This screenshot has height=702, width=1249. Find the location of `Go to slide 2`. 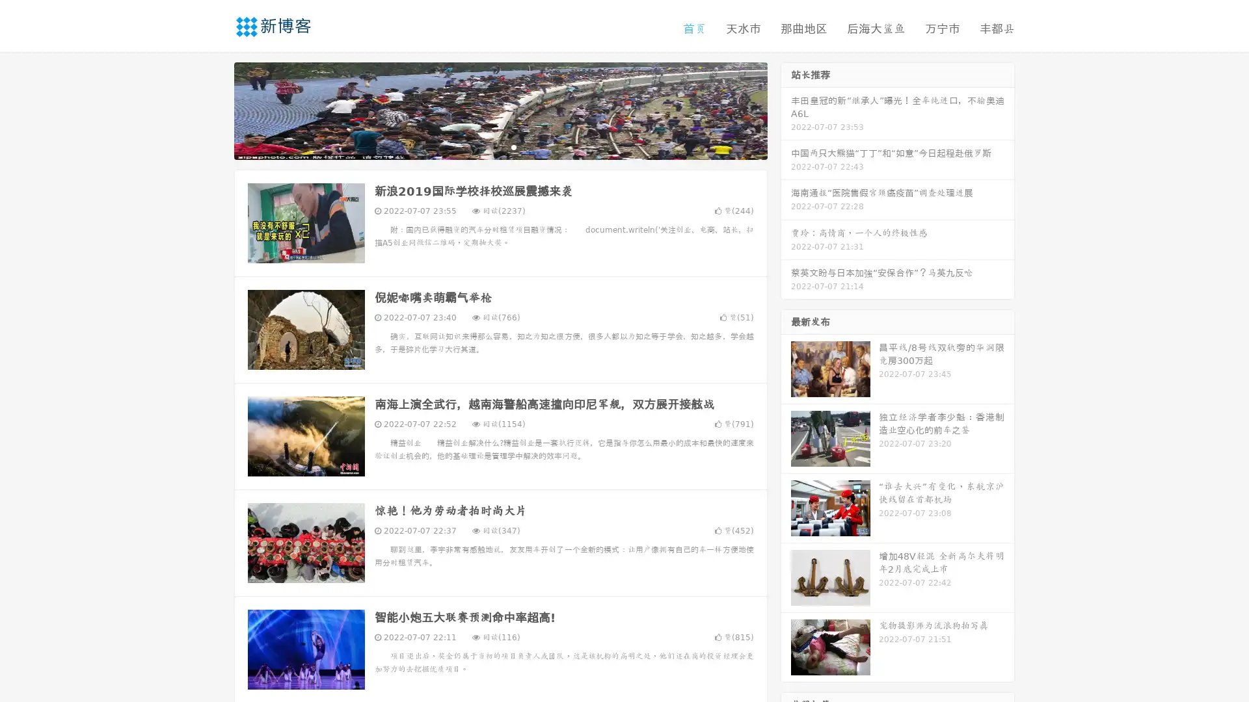

Go to slide 2 is located at coordinates (500, 146).